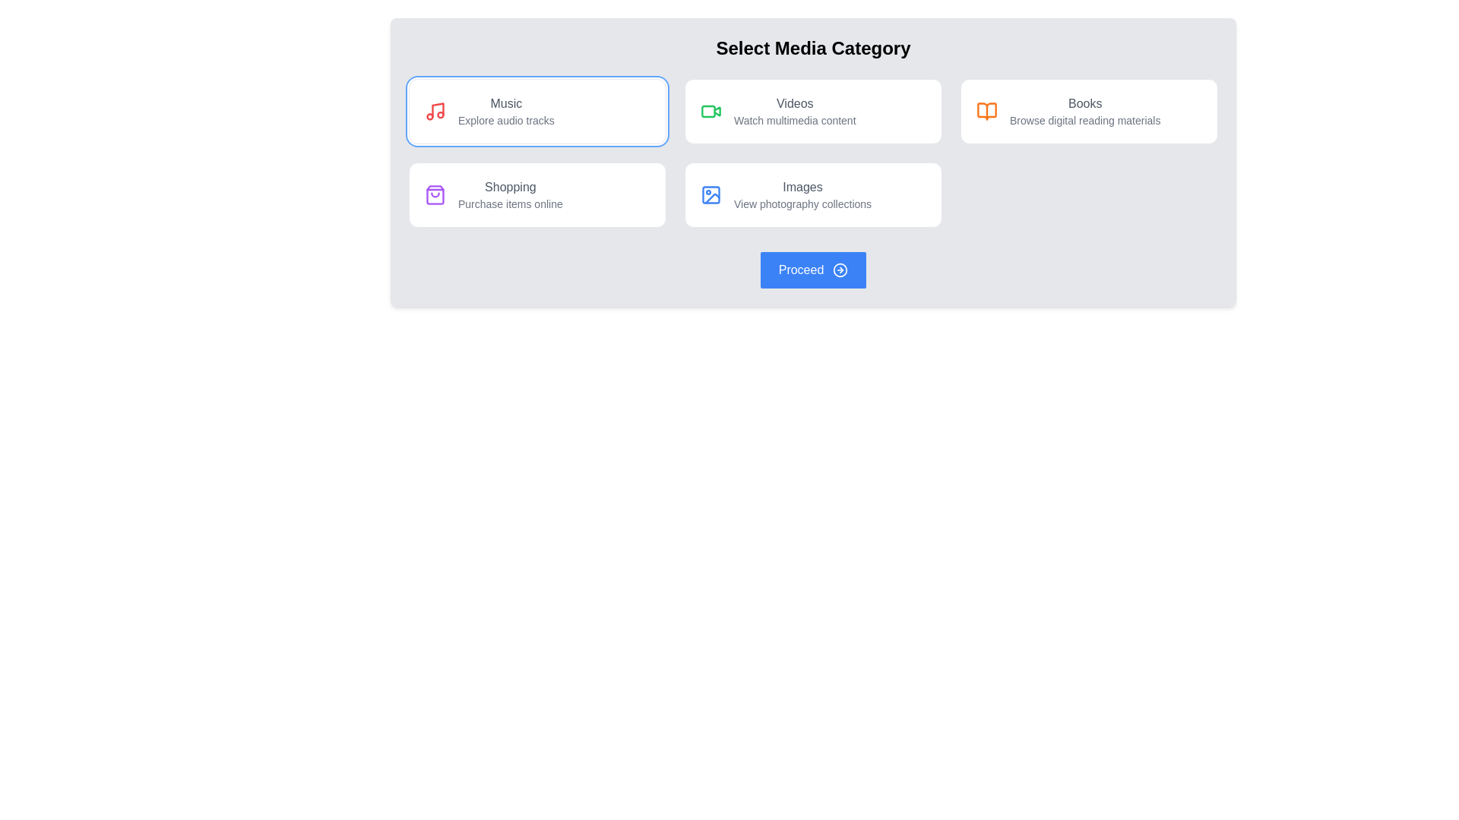 The height and width of the screenshot is (820, 1459). I want to click on the static text label that says 'Explore audio tracks.' which is located beneath the 'Music' label in the top-left section of the grid layout, so click(506, 119).